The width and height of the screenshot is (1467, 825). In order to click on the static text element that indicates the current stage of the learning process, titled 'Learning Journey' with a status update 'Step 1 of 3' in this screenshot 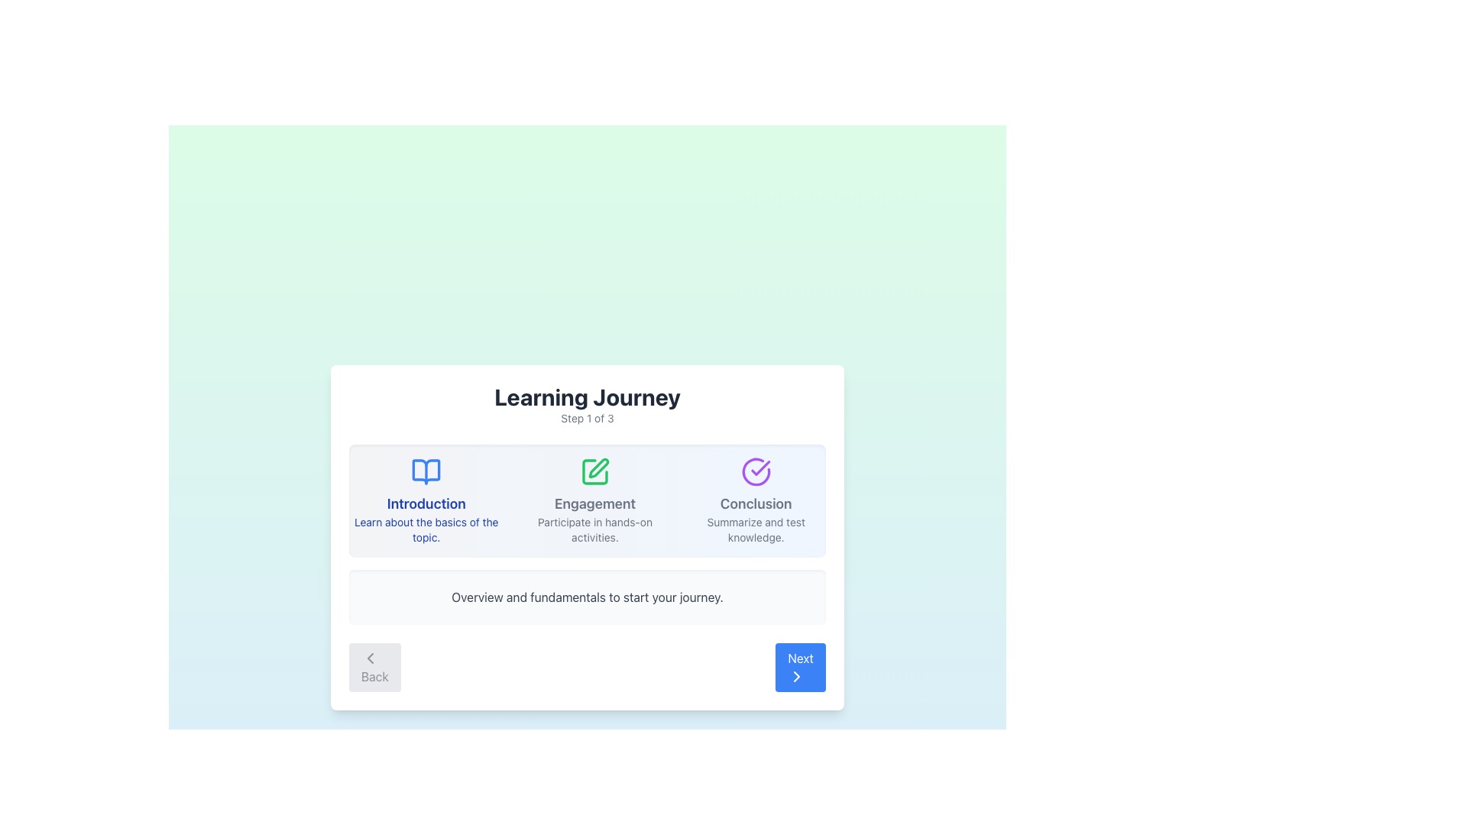, I will do `click(586, 403)`.